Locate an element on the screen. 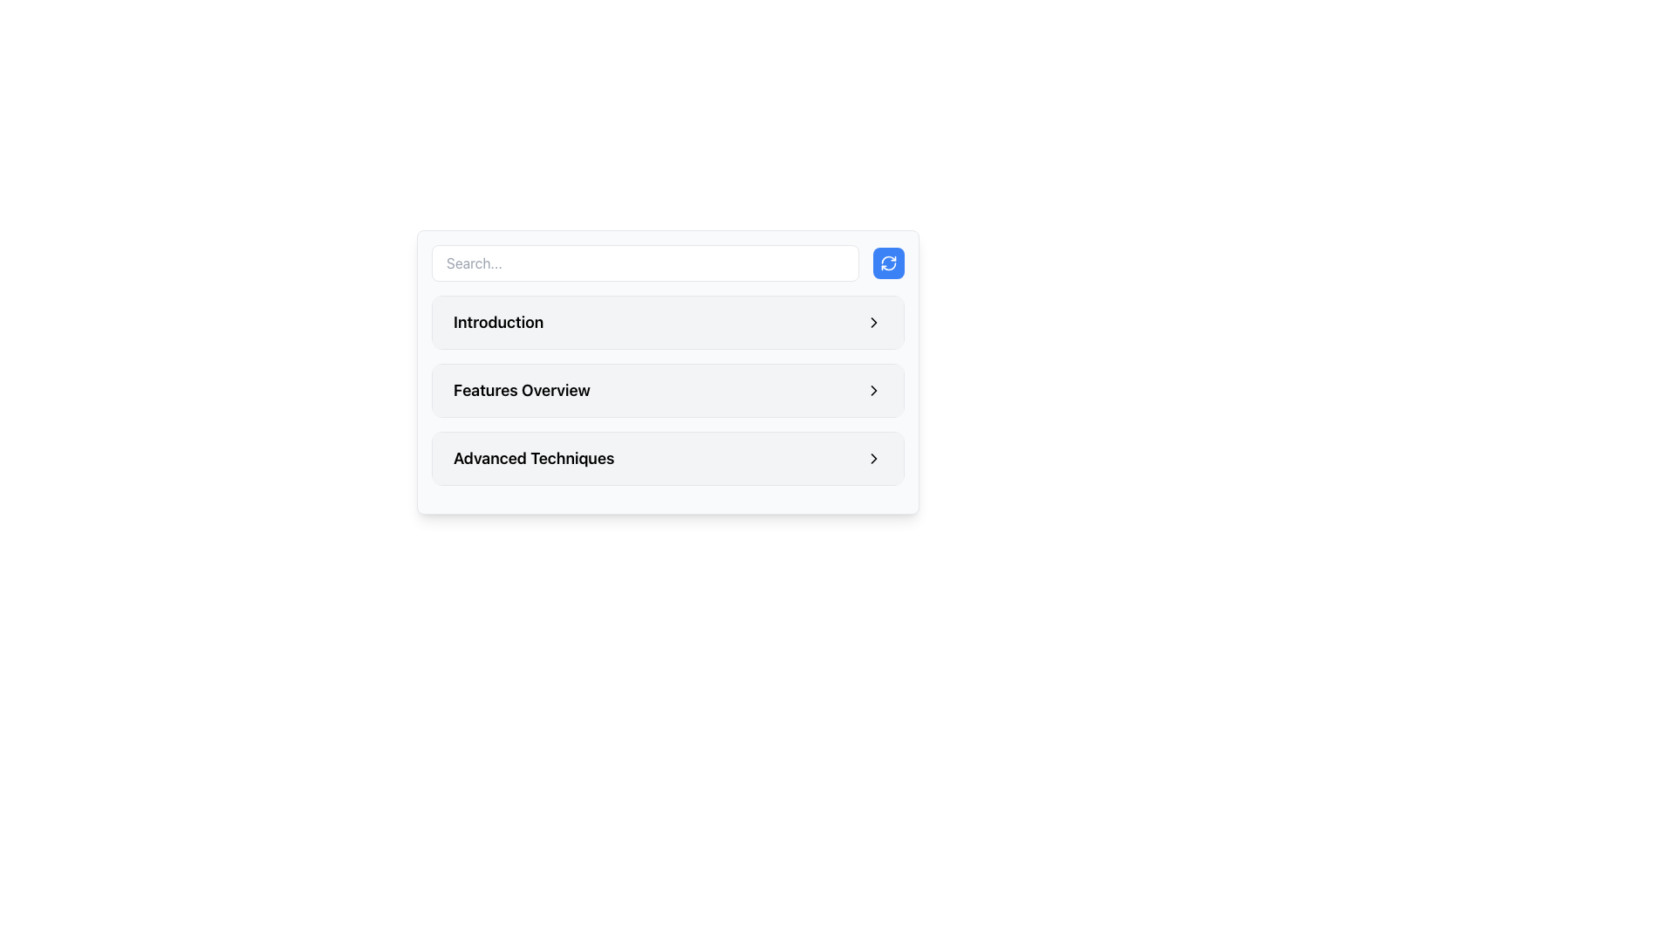 This screenshot has height=942, width=1675. the refresh button located within the blue button to the right of the search input field at the top of the panel to refresh the content or state of the interface is located at coordinates (888, 263).